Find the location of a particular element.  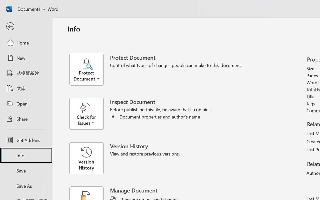

'Check for Issues' is located at coordinates (89, 113).